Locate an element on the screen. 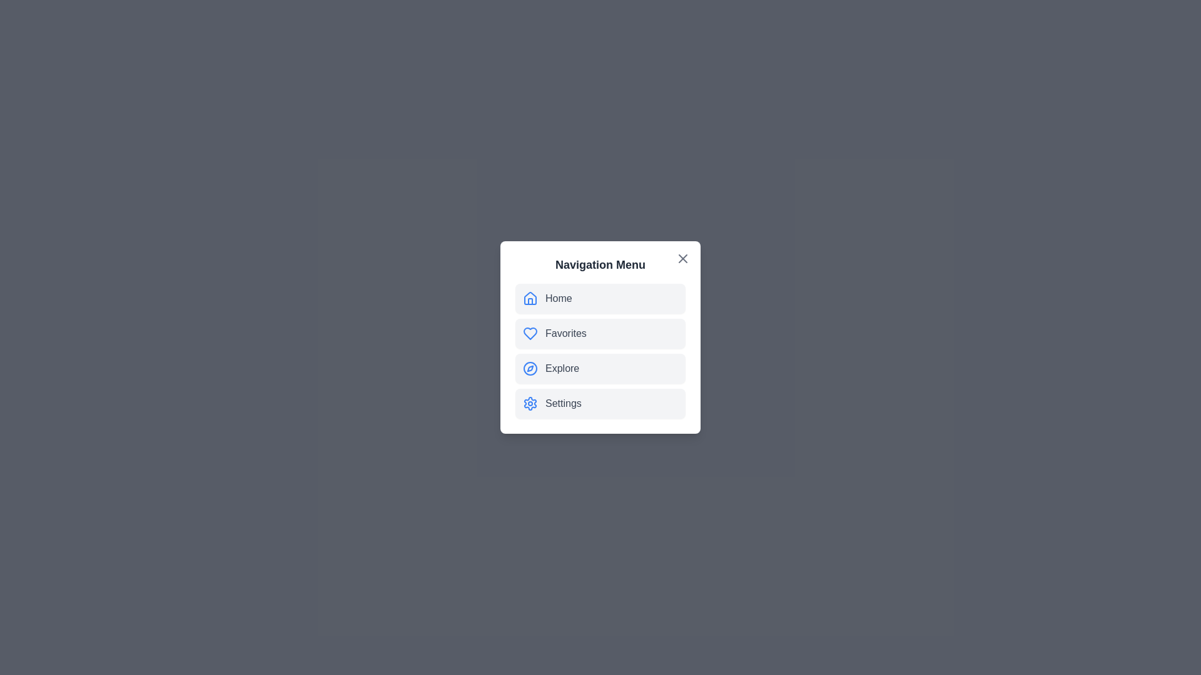 This screenshot has width=1201, height=675. the navigation item Home to observe its hover effect is located at coordinates (600, 299).